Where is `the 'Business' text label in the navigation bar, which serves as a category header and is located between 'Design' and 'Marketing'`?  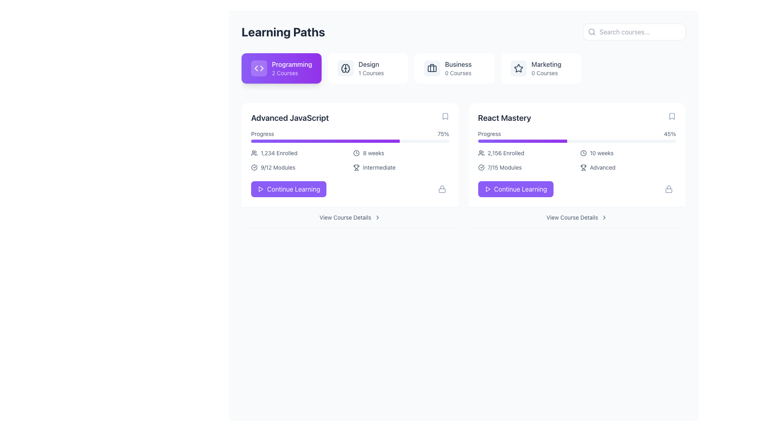 the 'Business' text label in the navigation bar, which serves as a category header and is located between 'Design' and 'Marketing' is located at coordinates (458, 64).